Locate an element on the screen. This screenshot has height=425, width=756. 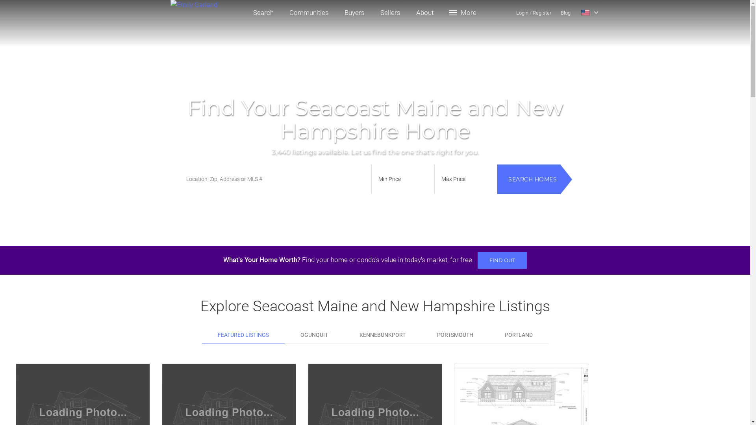
'Search' is located at coordinates (263, 13).